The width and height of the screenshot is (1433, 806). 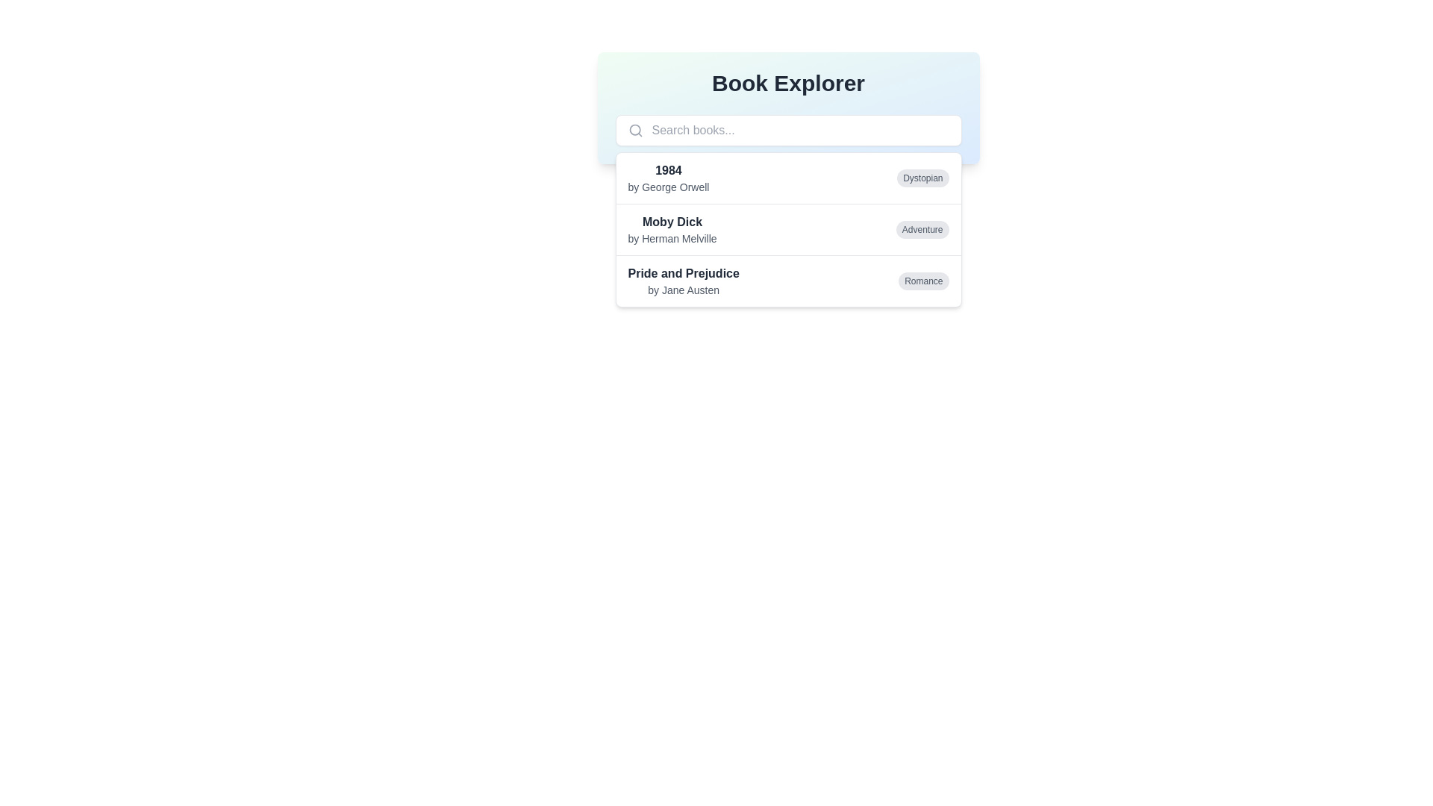 What do you see at coordinates (672, 238) in the screenshot?
I see `the text label displaying 'by Herman Melville', which is styled in small, gray font and positioned below the title 'Moby Dick'` at bounding box center [672, 238].